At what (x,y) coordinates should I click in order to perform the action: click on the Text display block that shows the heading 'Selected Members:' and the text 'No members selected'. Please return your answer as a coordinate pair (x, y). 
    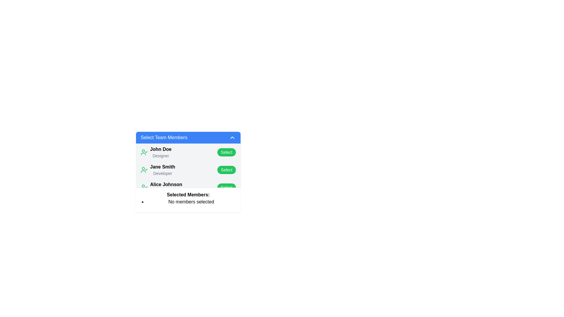
    Looking at the image, I should click on (188, 198).